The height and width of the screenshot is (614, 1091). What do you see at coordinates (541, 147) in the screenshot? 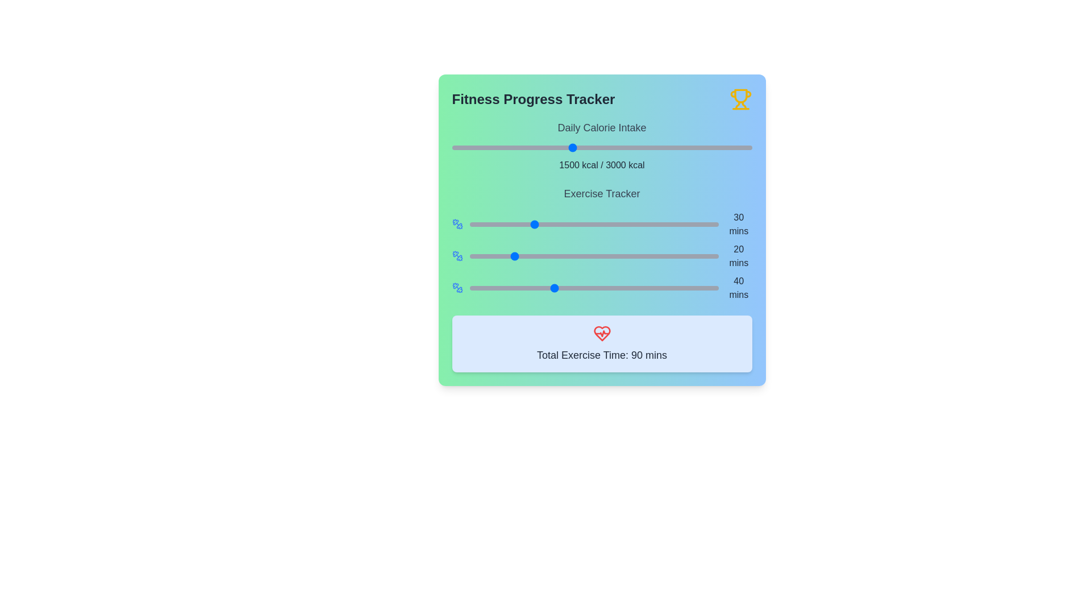
I see `daily calorie intake` at bounding box center [541, 147].